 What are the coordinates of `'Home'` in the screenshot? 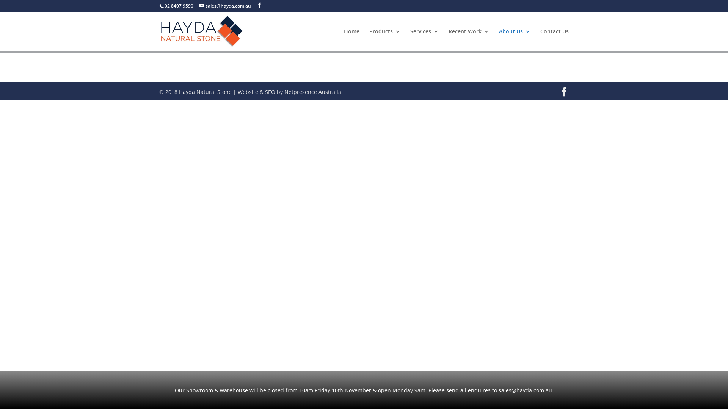 It's located at (351, 40).